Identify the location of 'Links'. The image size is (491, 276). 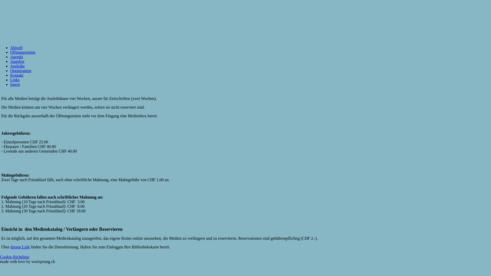
(10, 80).